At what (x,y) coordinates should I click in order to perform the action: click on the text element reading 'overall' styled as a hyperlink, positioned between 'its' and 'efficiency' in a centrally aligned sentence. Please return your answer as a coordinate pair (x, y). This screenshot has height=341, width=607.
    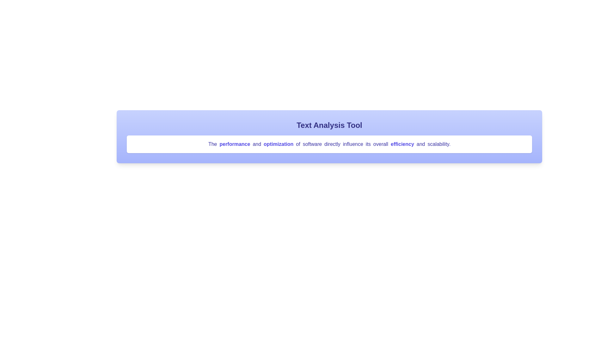
    Looking at the image, I should click on (380, 144).